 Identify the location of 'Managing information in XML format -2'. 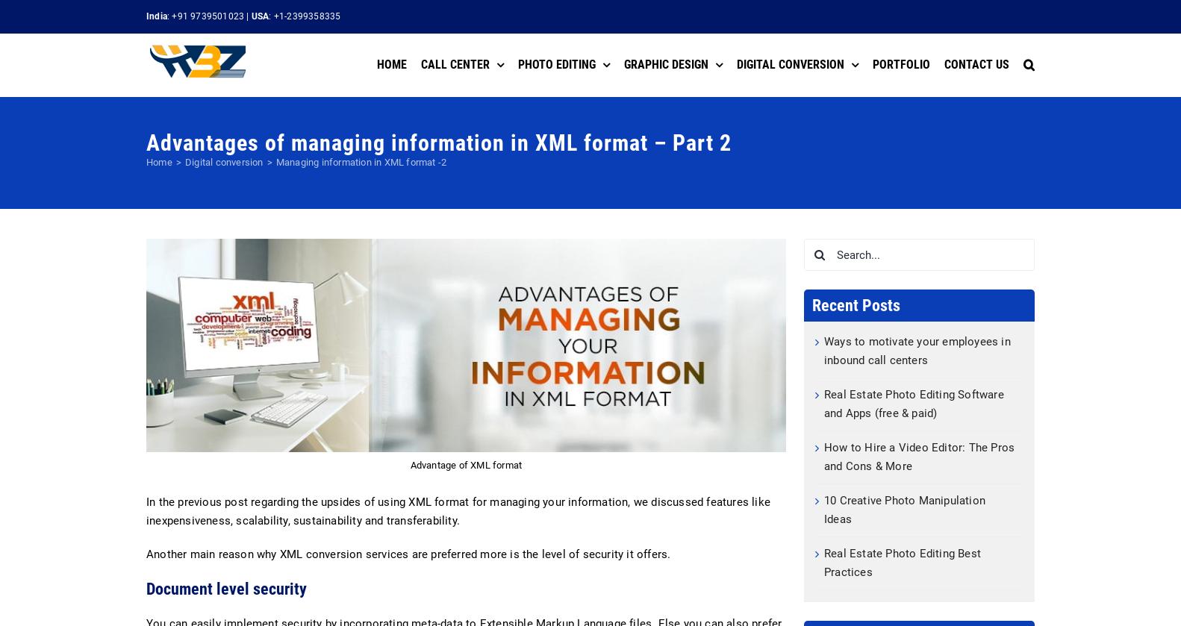
(360, 161).